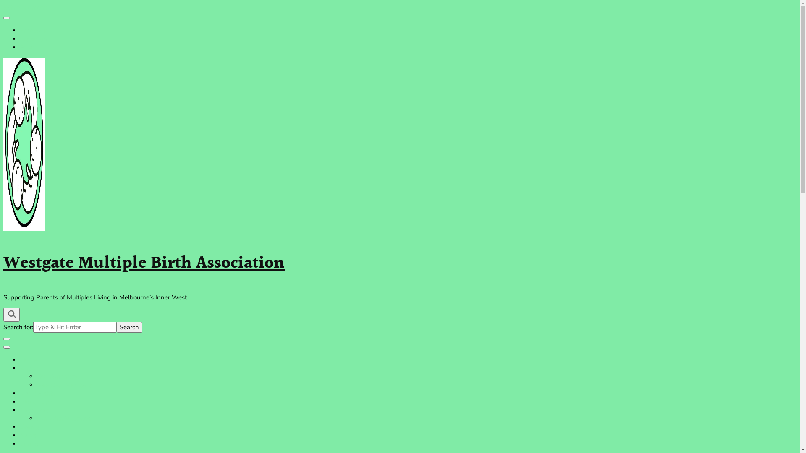 Image resolution: width=806 pixels, height=453 pixels. I want to click on 'Resources', so click(34, 410).